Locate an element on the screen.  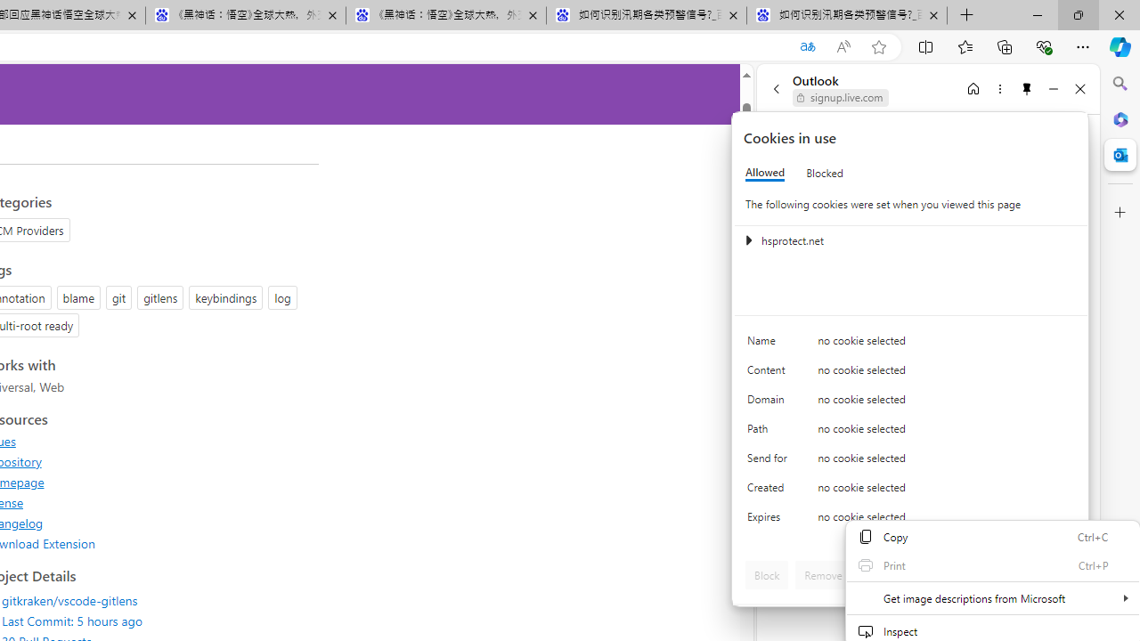
'Expires' is located at coordinates (770, 521).